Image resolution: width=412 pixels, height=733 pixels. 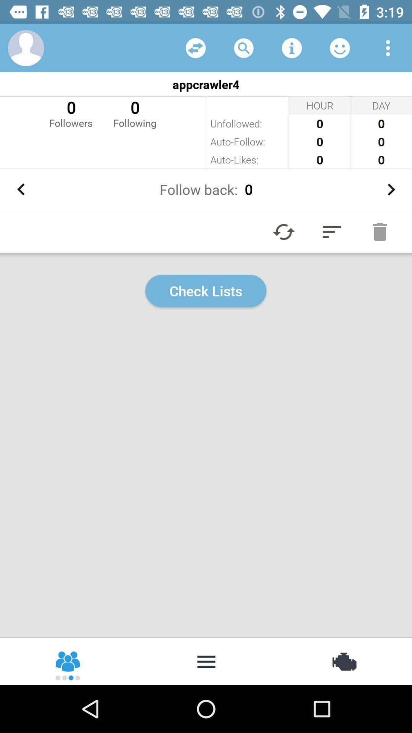 I want to click on previous, so click(x=21, y=189).